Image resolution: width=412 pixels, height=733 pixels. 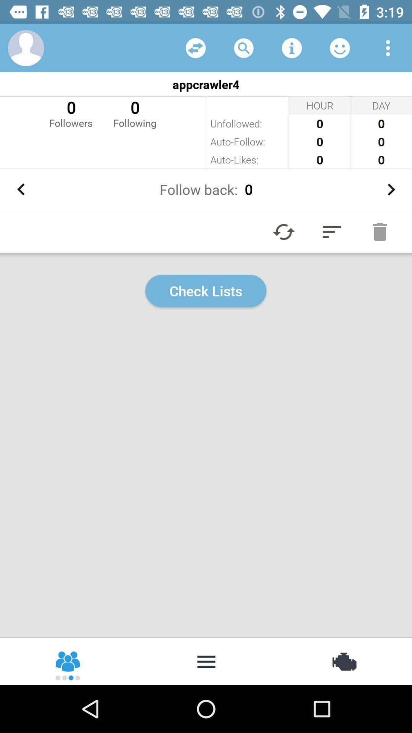 I want to click on previous, so click(x=21, y=189).